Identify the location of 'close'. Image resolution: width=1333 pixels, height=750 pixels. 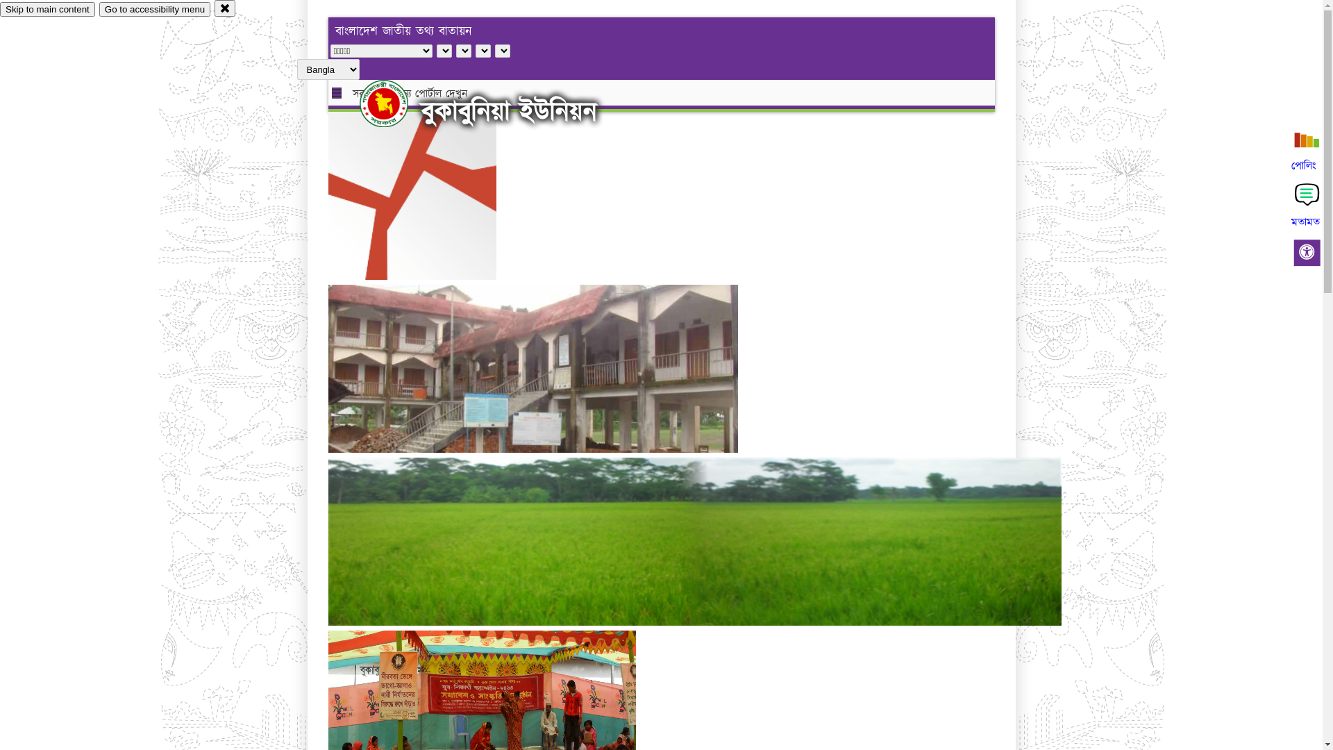
(225, 8).